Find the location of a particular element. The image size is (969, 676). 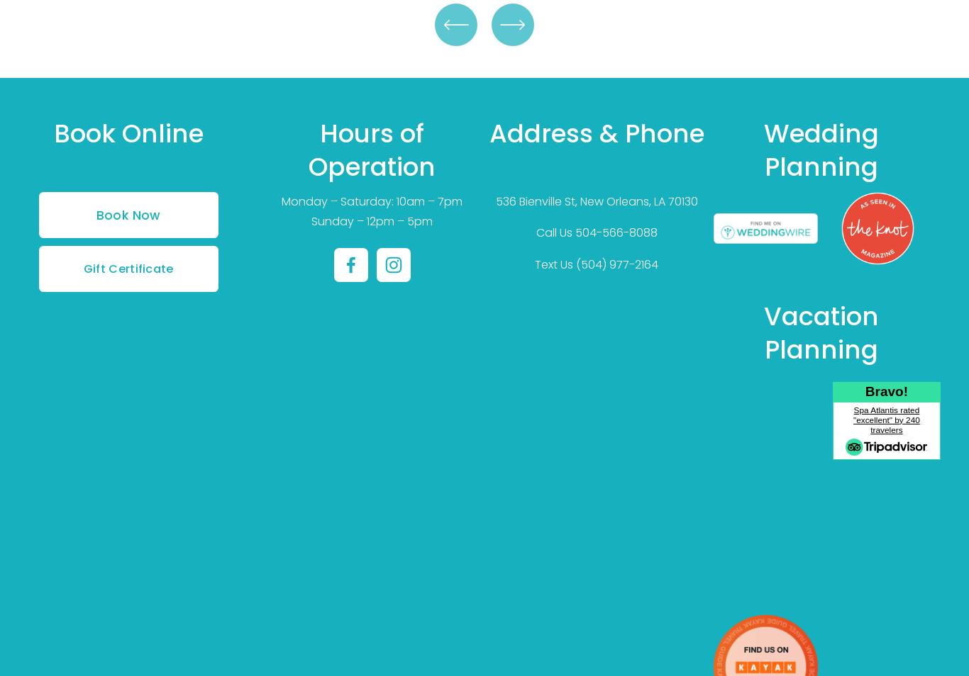

'Wedding Planning' is located at coordinates (824, 149).